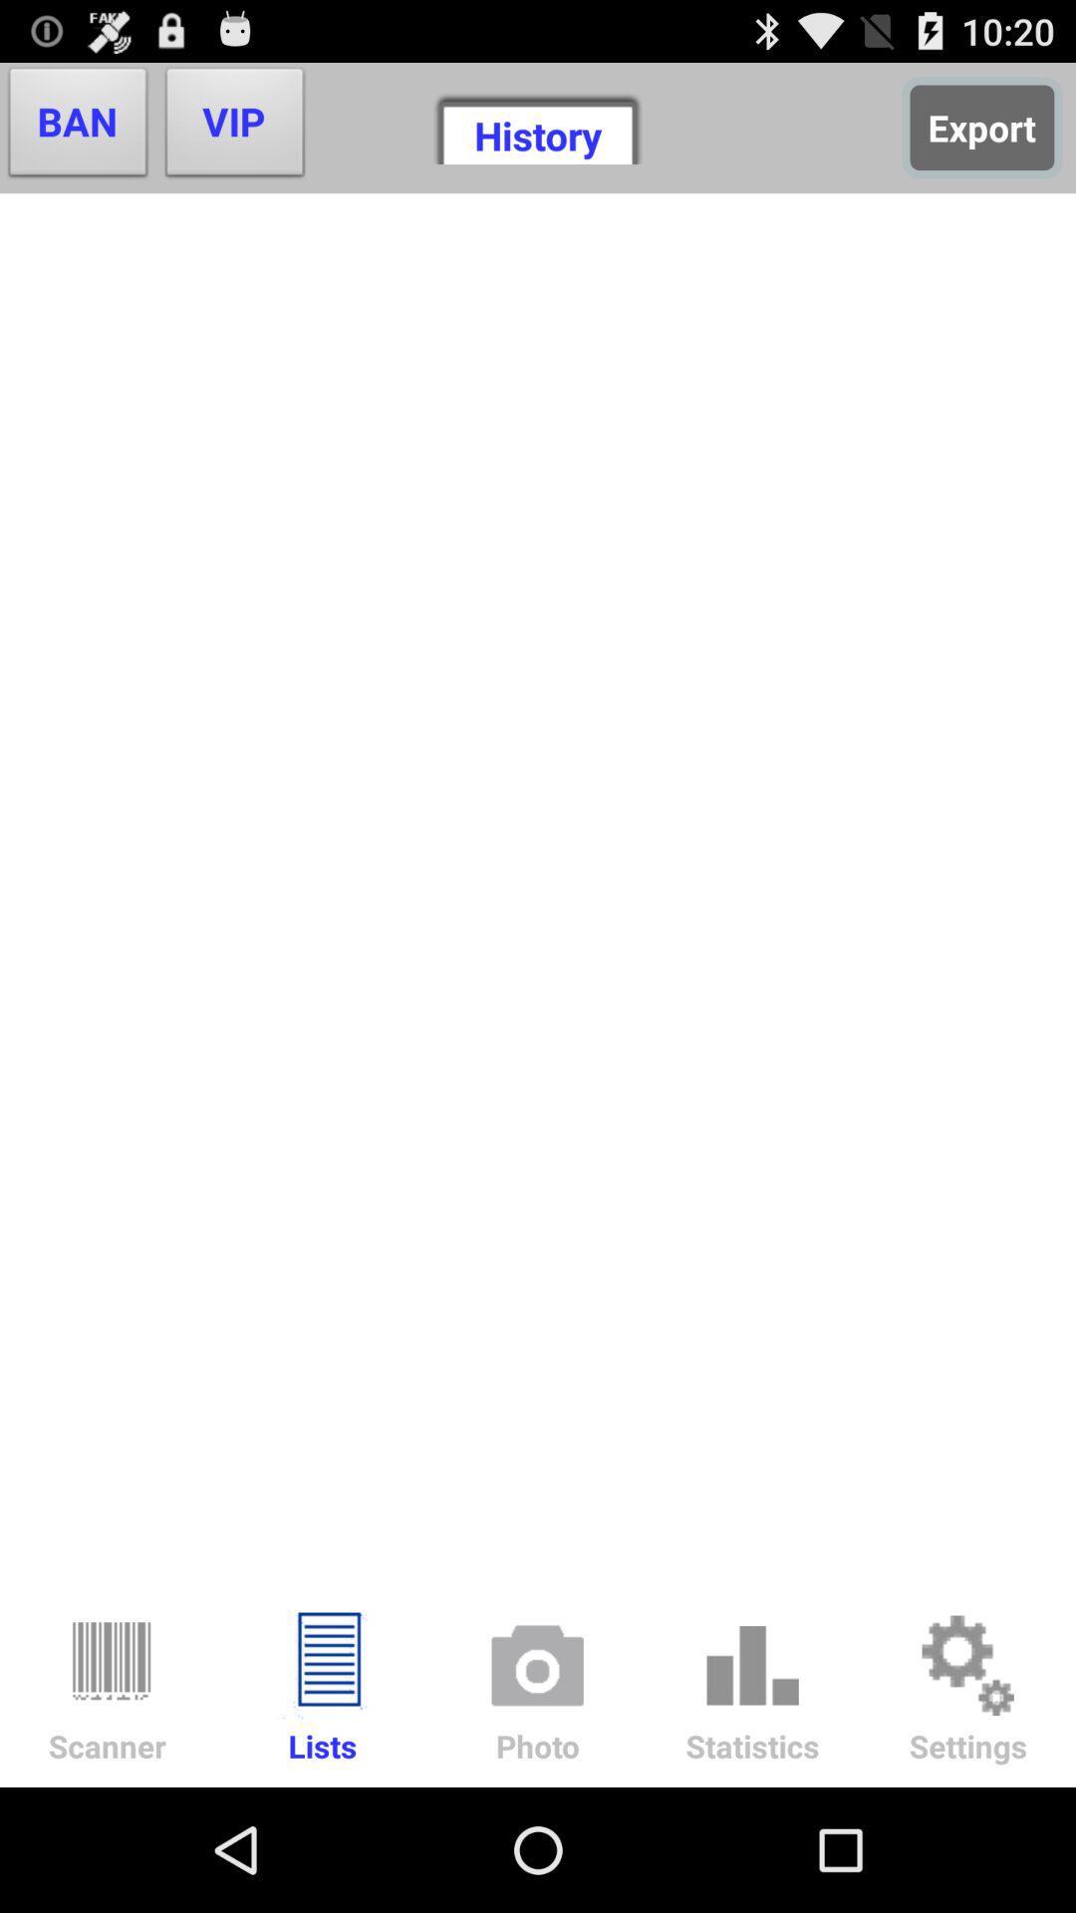  I want to click on the export item, so click(980, 127).